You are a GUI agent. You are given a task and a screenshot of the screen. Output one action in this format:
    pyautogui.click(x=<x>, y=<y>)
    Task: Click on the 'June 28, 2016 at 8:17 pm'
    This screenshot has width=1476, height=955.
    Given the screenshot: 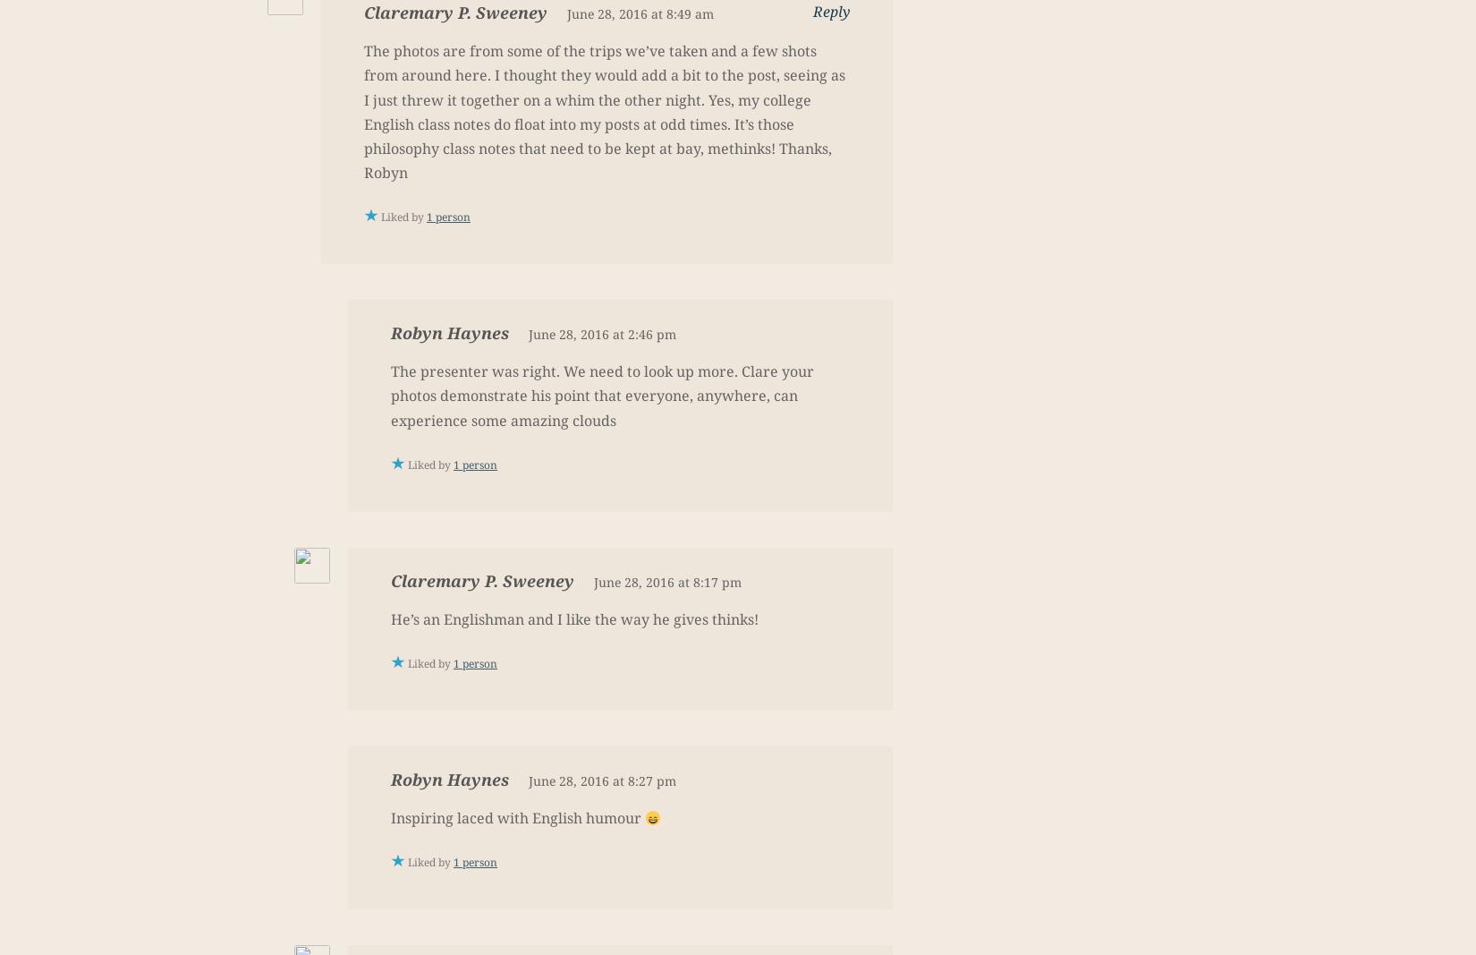 What is the action you would take?
    pyautogui.click(x=666, y=581)
    